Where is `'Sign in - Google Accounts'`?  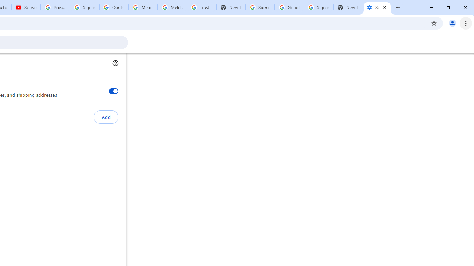 'Sign in - Google Accounts' is located at coordinates (260, 7).